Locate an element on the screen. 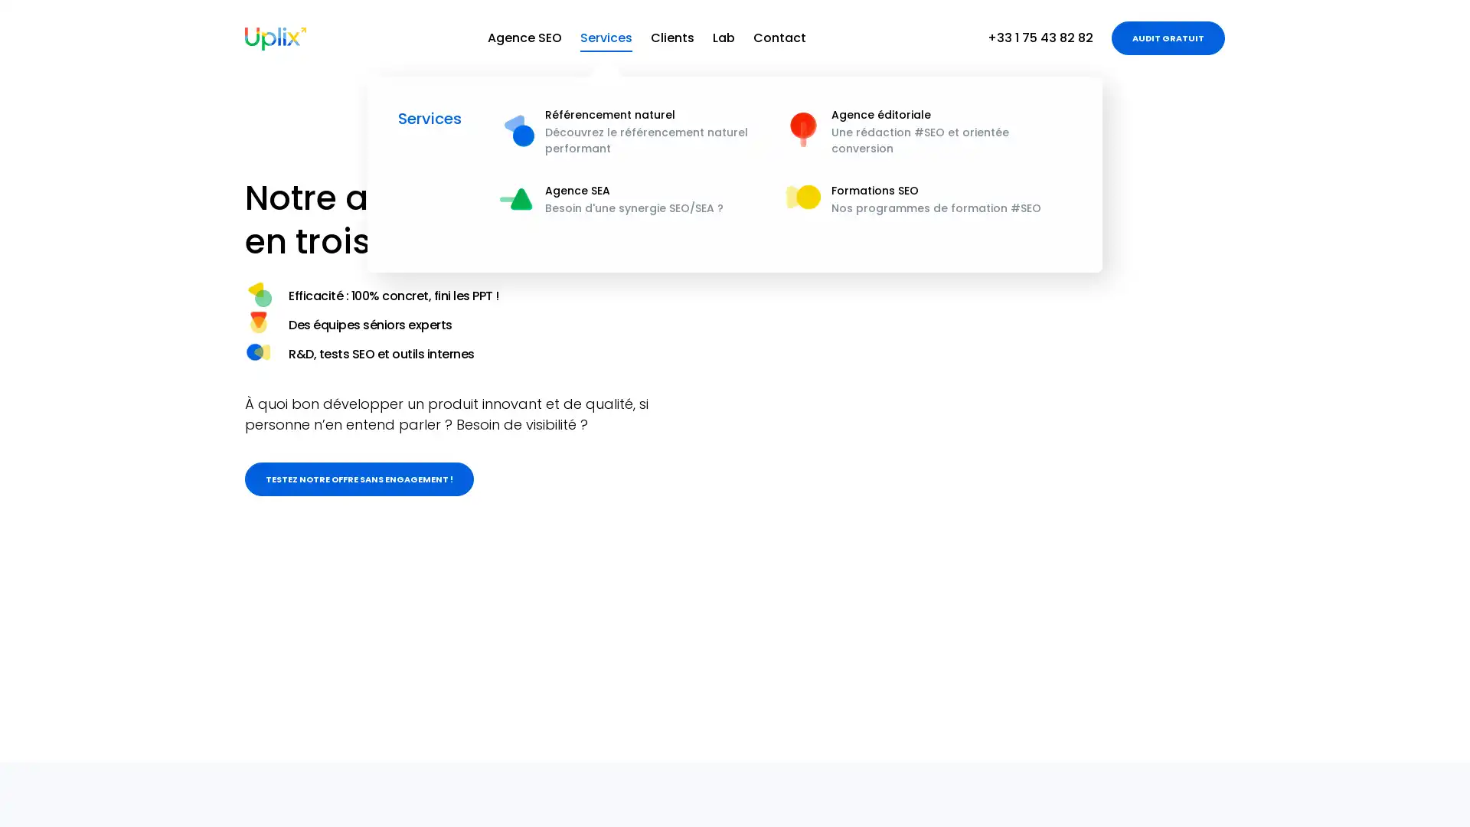  Fermer is located at coordinates (1423, 796).